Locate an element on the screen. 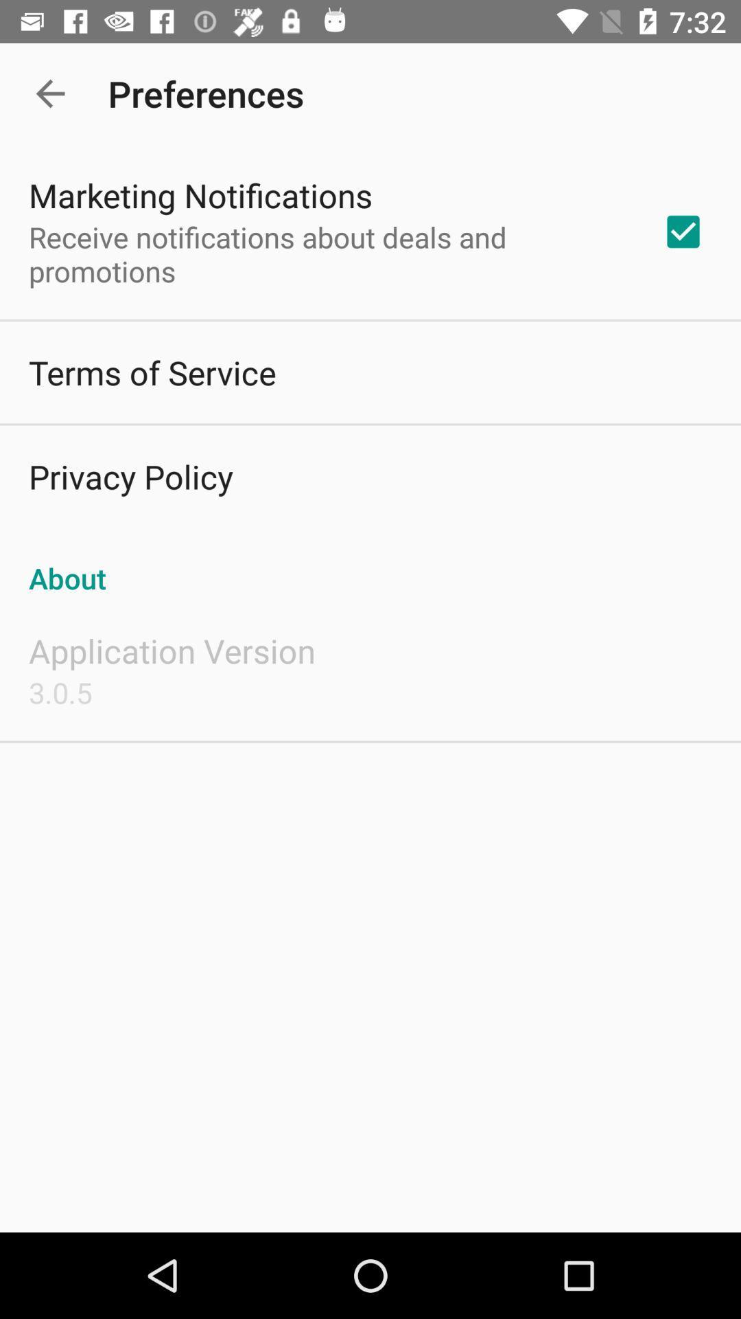  the terms of service item is located at coordinates (152, 372).